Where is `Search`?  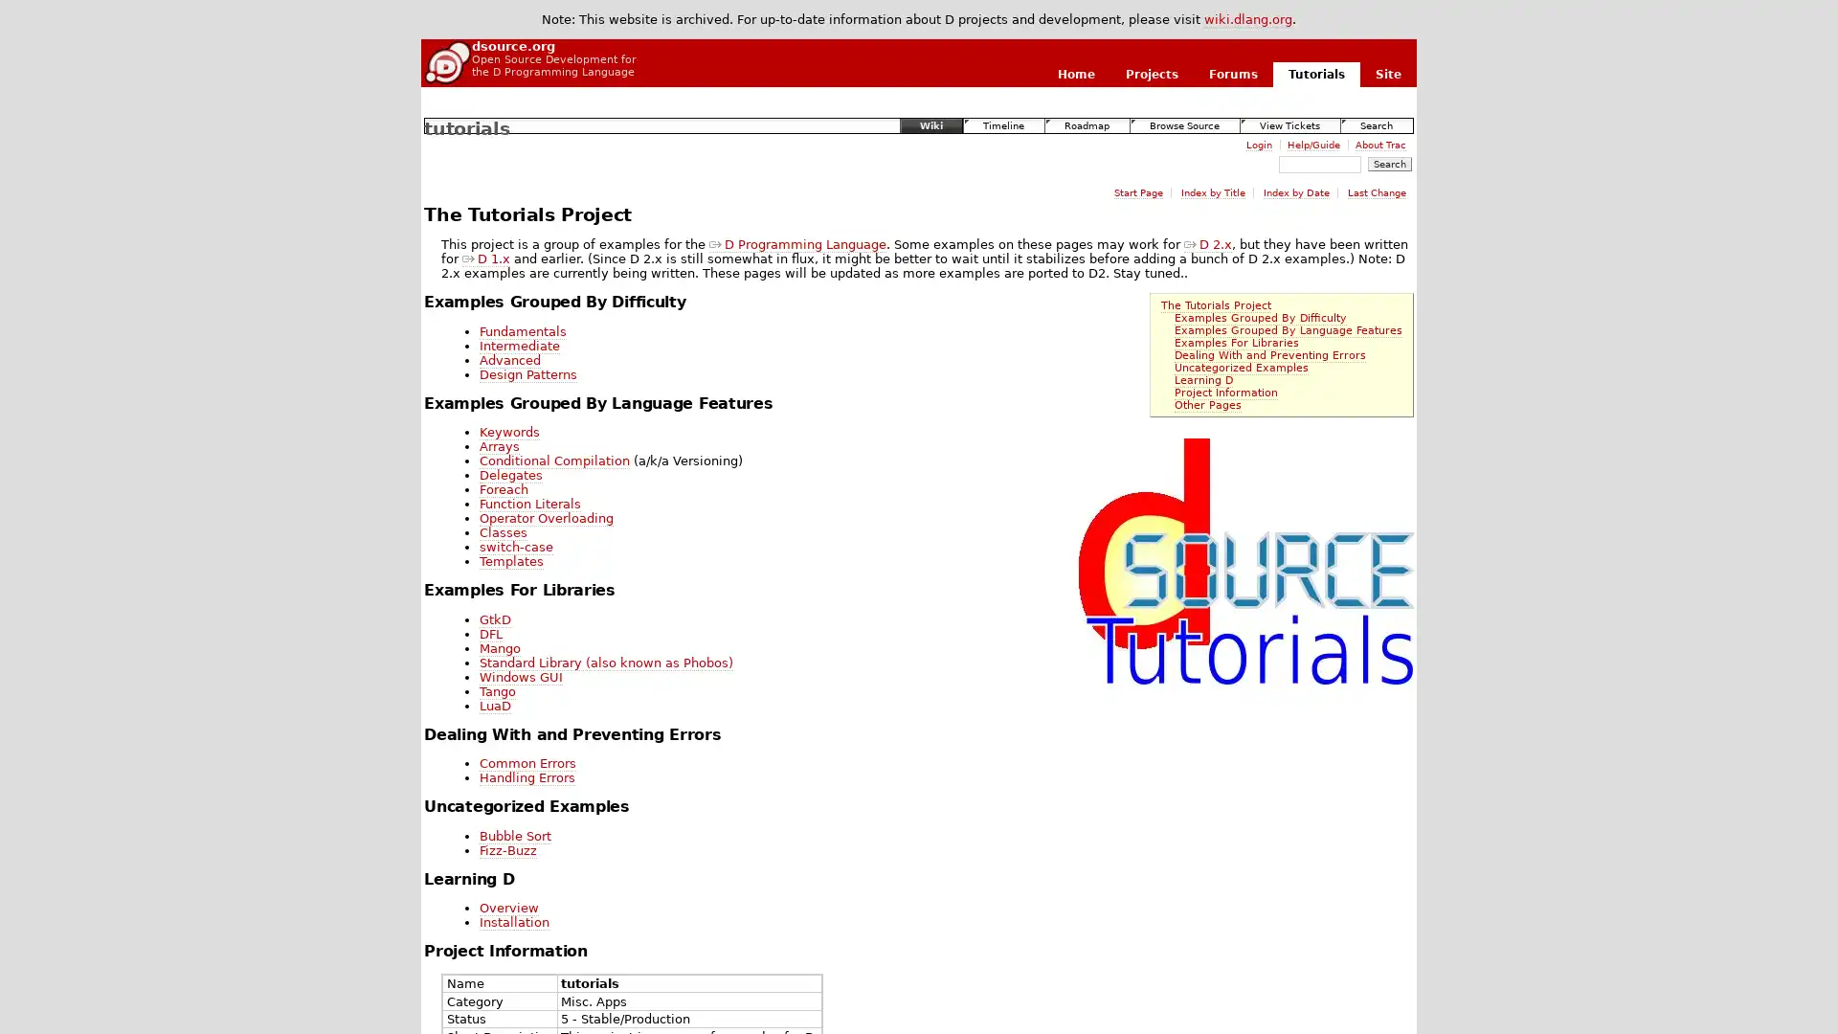 Search is located at coordinates (1388, 163).